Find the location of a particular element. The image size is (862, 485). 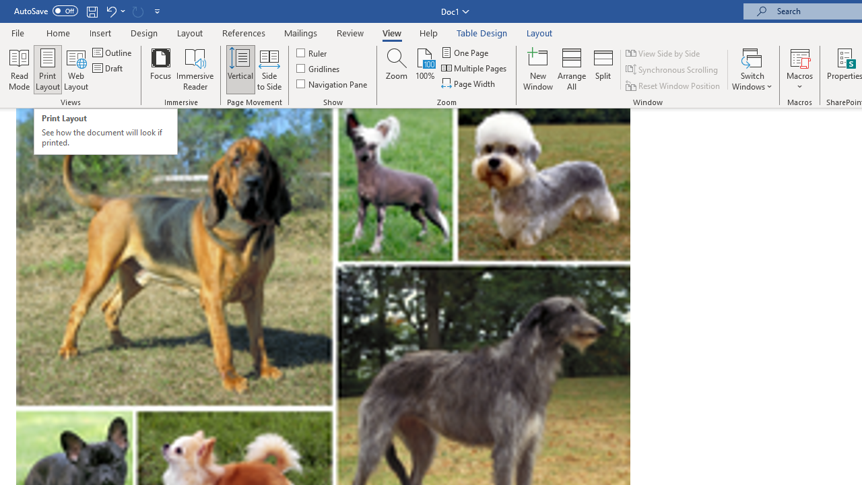

'One Page' is located at coordinates (465, 52).